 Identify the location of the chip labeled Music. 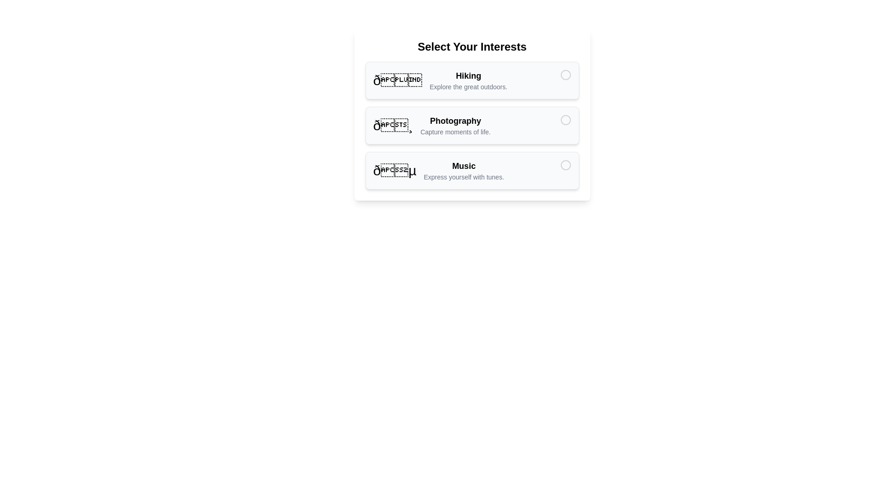
(472, 170).